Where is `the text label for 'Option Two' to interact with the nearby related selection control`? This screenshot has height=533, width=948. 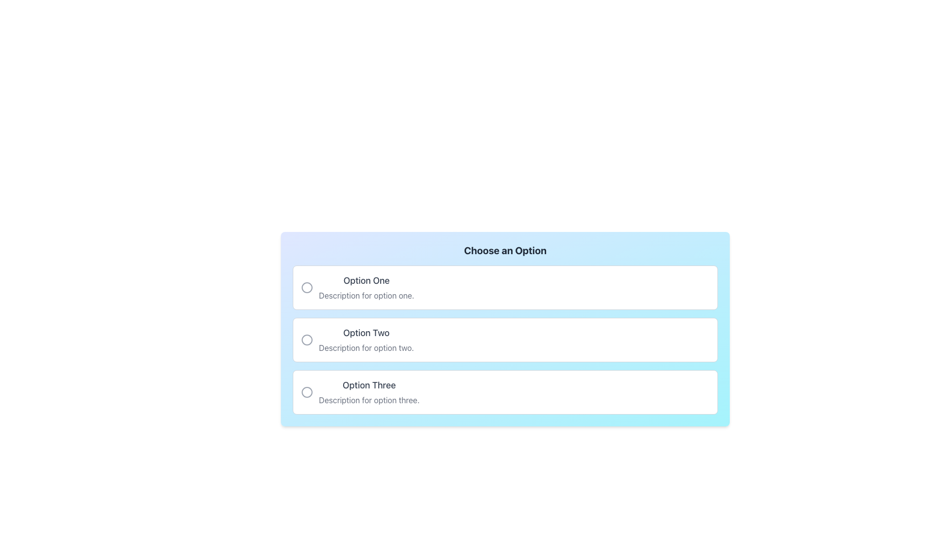
the text label for 'Option Two' to interact with the nearby related selection control is located at coordinates (366, 333).